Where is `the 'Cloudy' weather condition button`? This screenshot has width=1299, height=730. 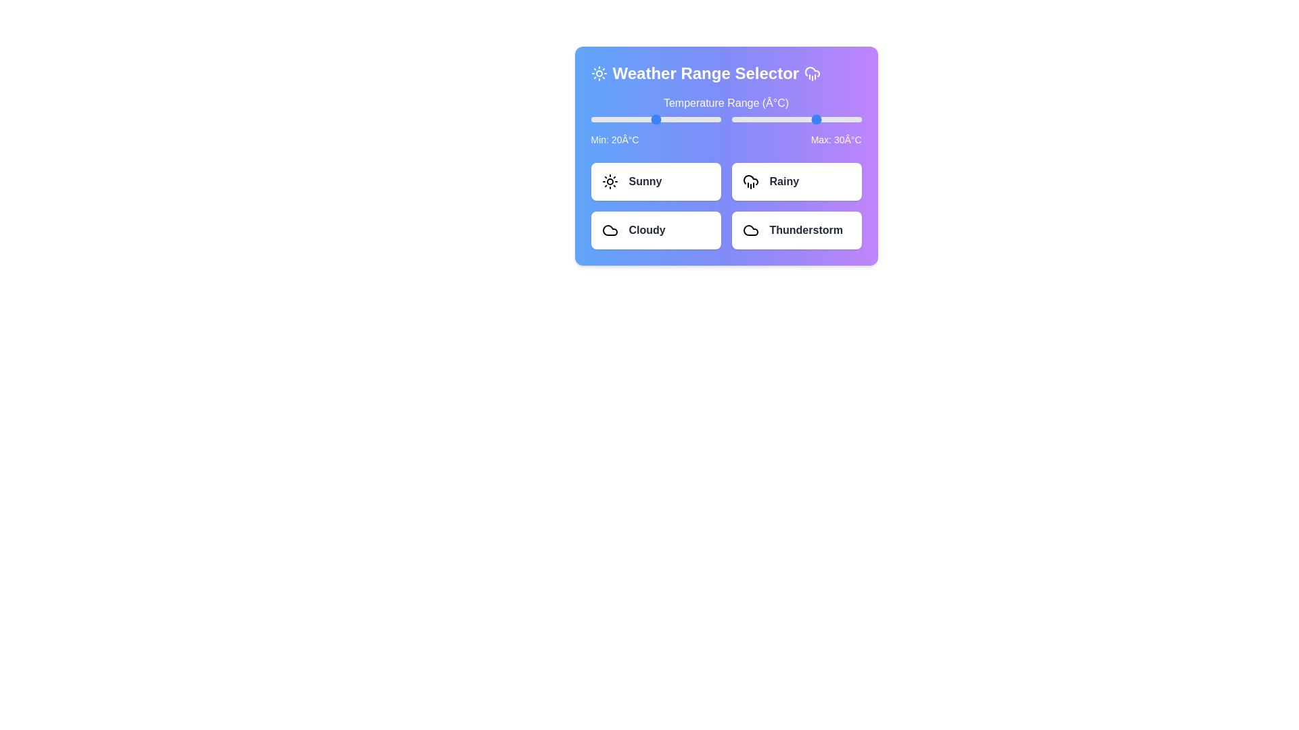
the 'Cloudy' weather condition button is located at coordinates (656, 229).